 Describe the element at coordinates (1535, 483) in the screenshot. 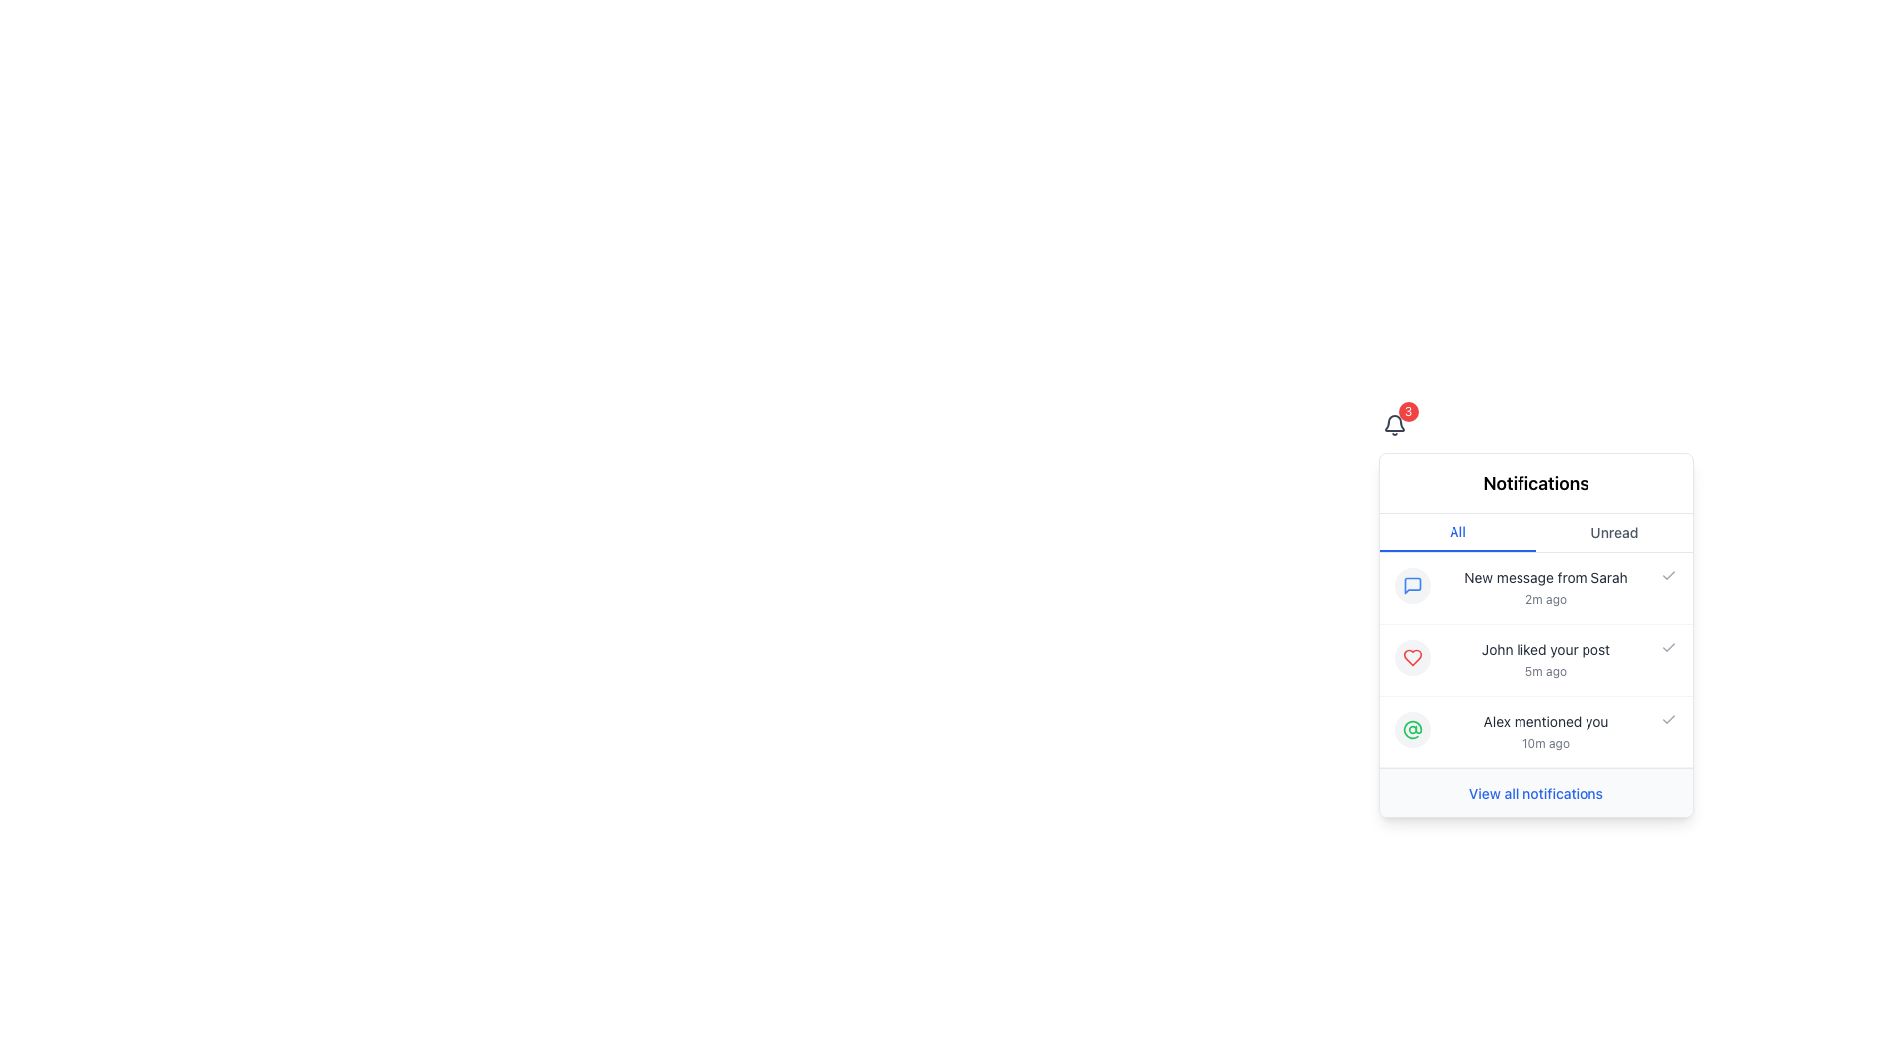

I see `the header label in the notification dropdown menu` at that location.